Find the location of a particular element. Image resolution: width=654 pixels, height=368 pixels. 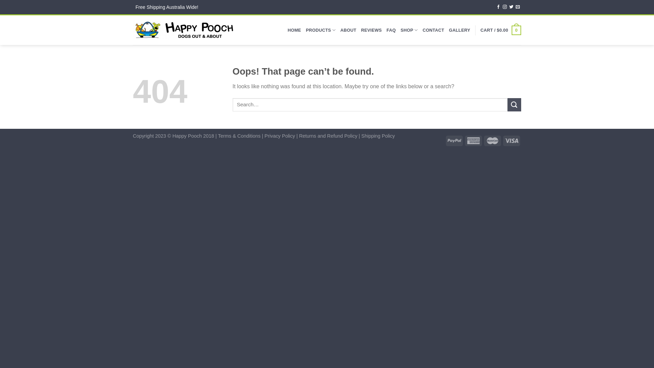

'SHOP' is located at coordinates (409, 30).